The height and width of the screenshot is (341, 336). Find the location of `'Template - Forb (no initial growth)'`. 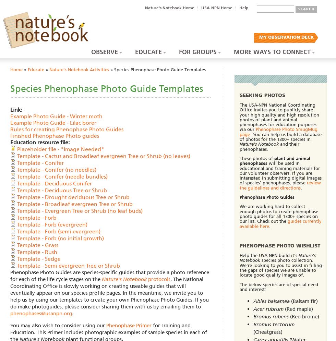

'Template - Forb (no initial growth)' is located at coordinates (60, 238).